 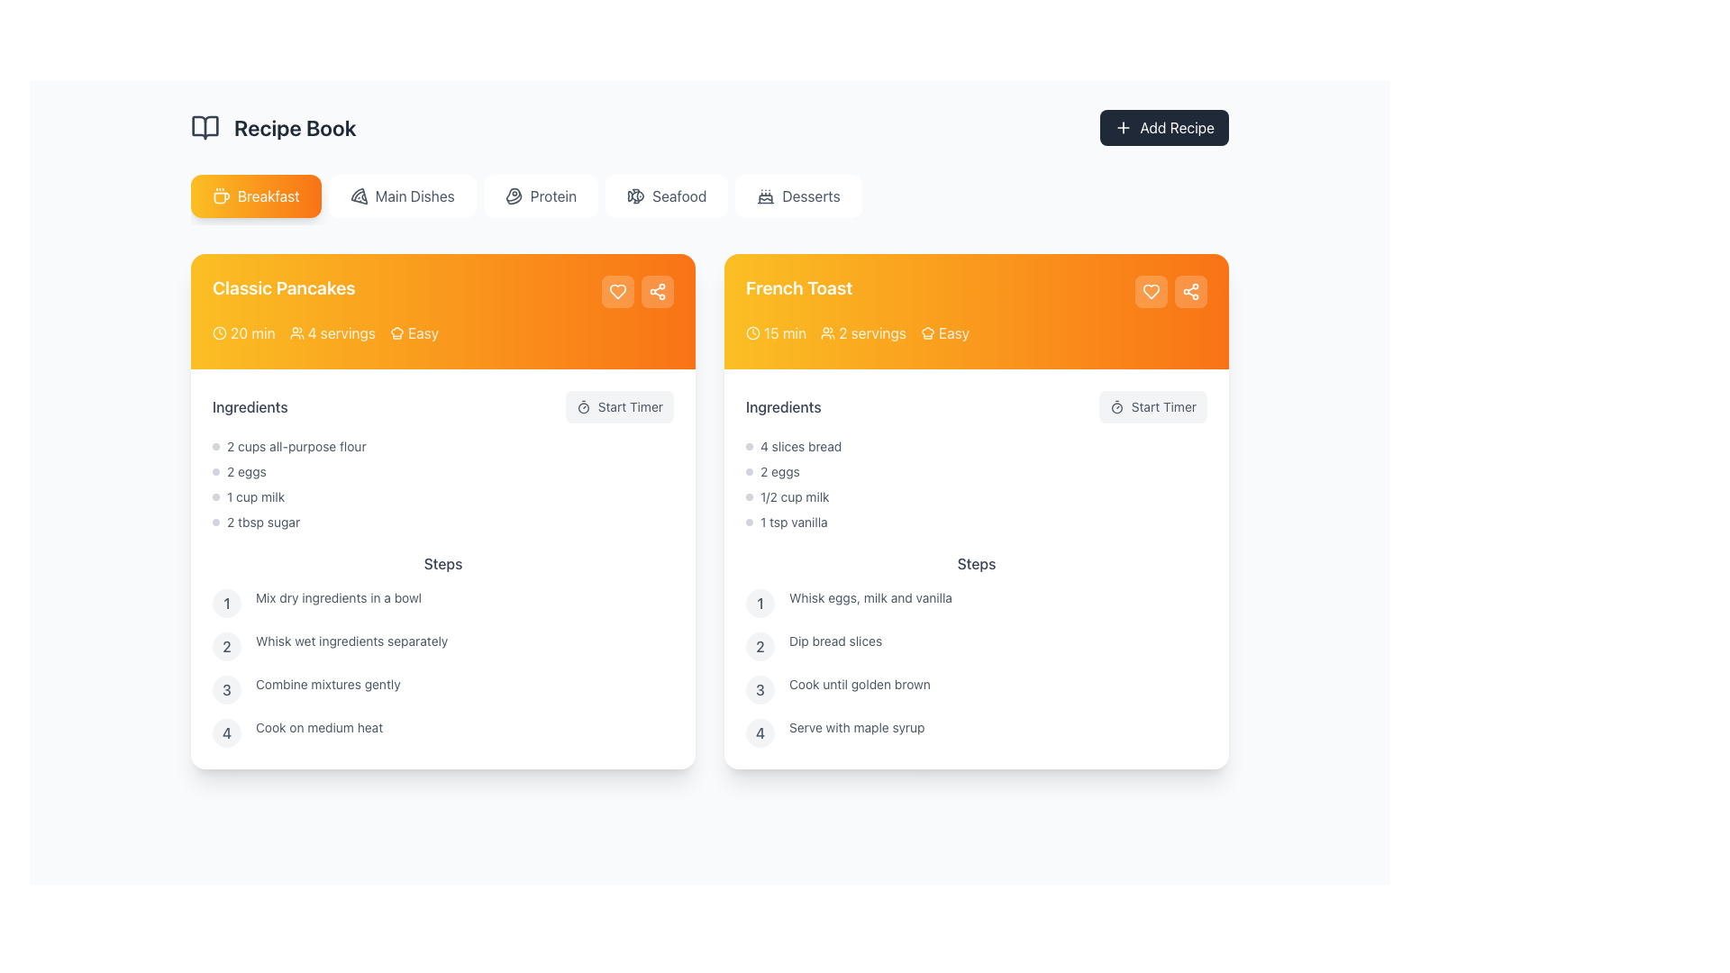 I want to click on the first circular badge labeled '1' in the 'Steps' section of the 'Classic Pancakes' recipe card, so click(x=226, y=604).